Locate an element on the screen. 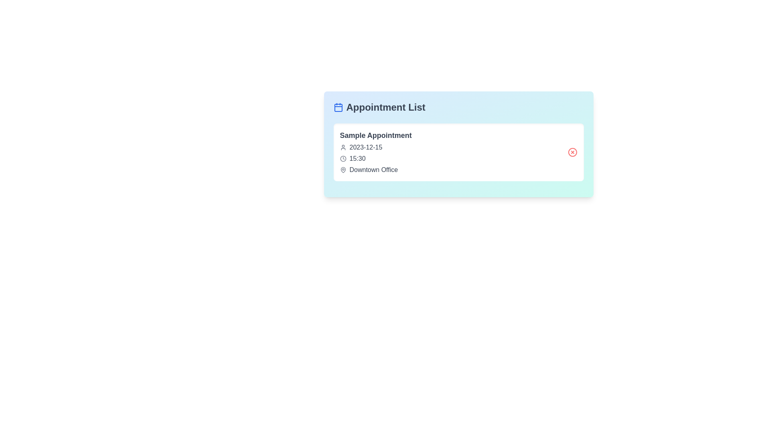 The height and width of the screenshot is (433, 770). displayed text 'Downtown Office' from the text label with a map pin icon, positioned at the bottom of the appointment box is located at coordinates (375, 170).